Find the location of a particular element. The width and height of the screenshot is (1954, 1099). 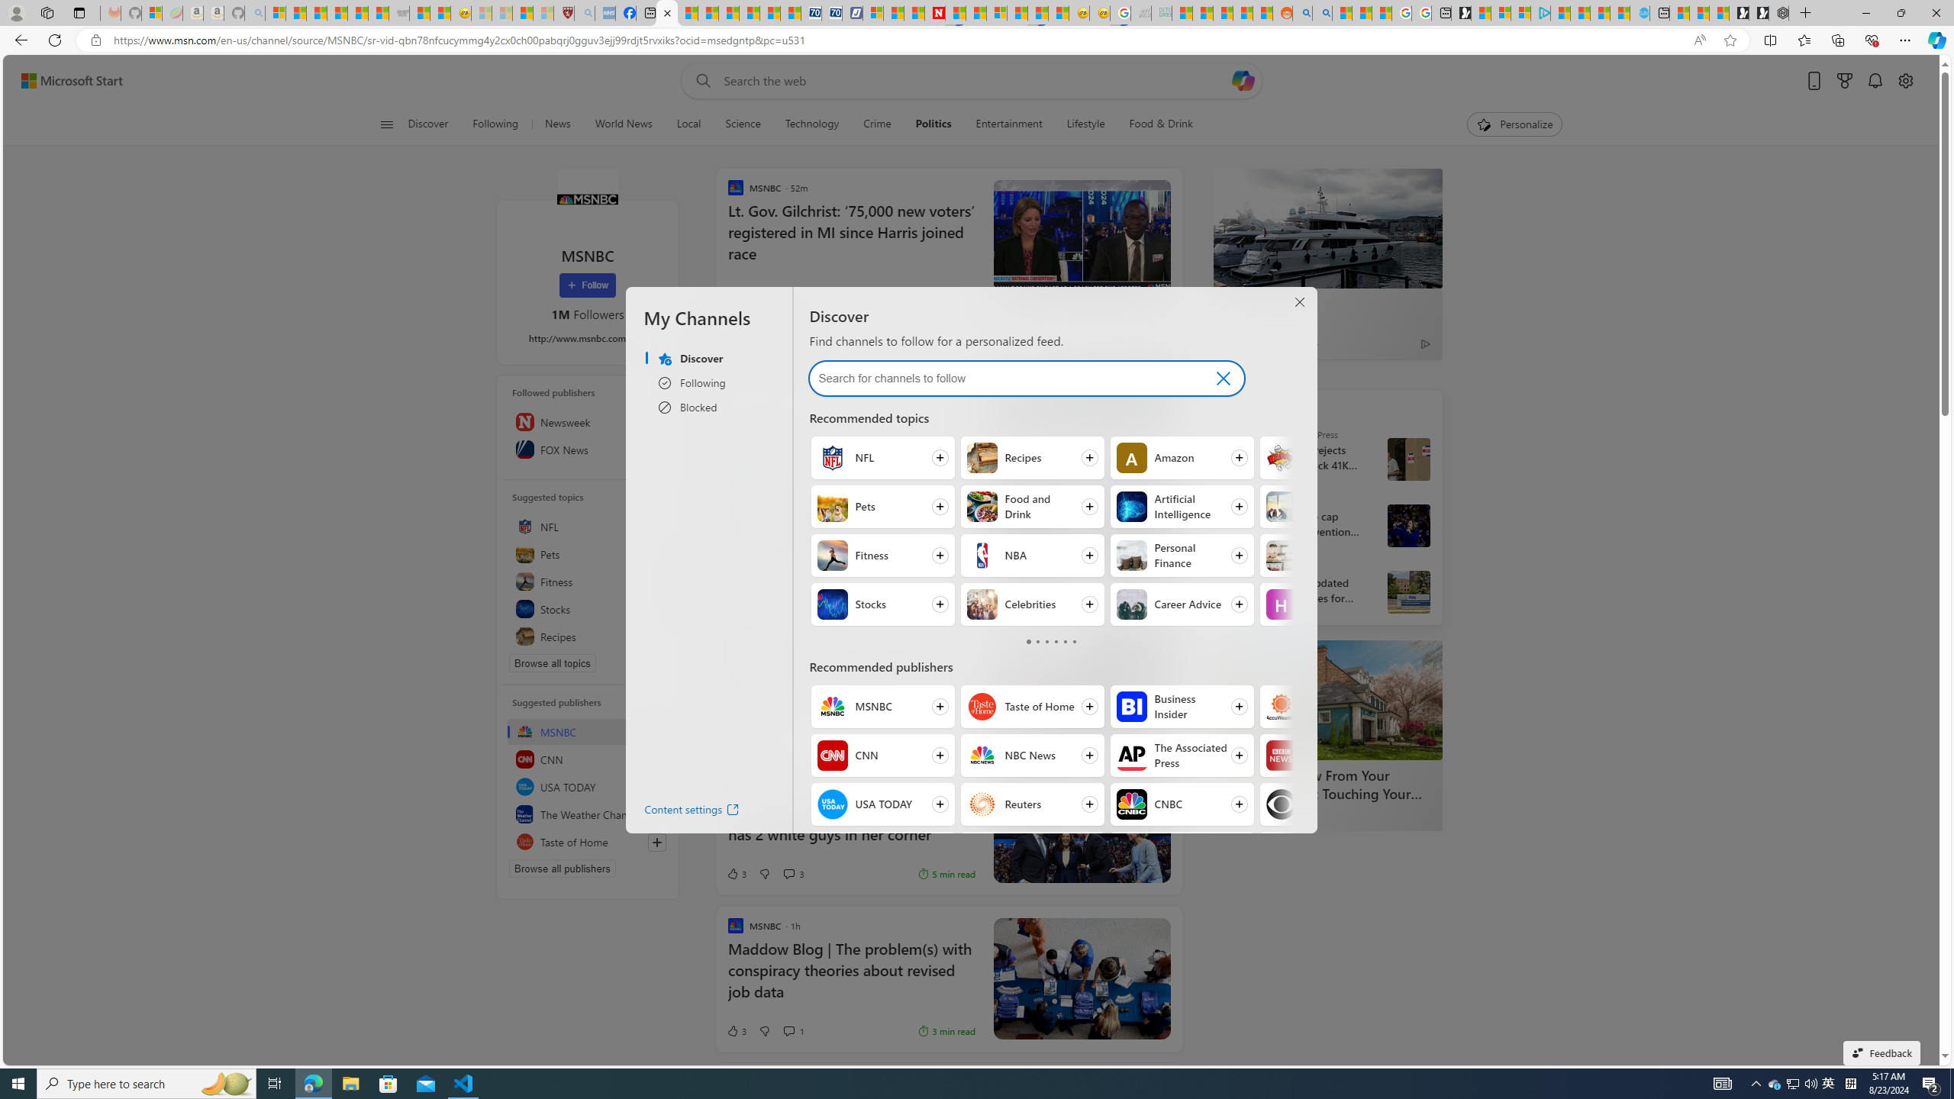

'AccuWeather' is located at coordinates (1282, 705).